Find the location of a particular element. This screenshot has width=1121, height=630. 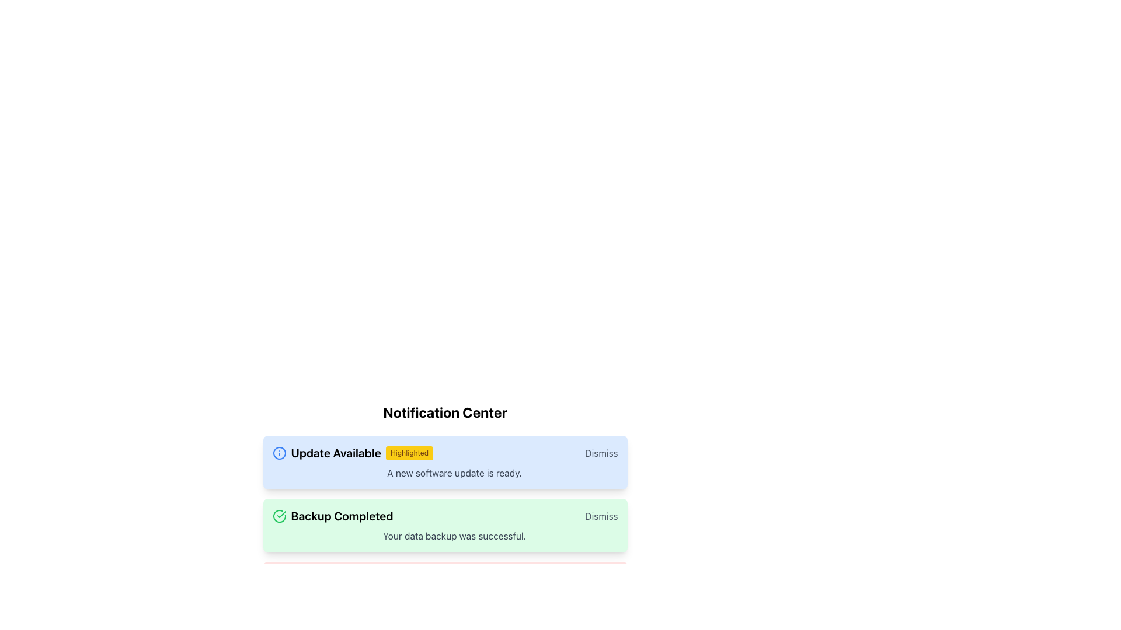

the circular informational icon with a blue outline, located to the left of the 'Update Available' text in the notification bar is located at coordinates (278, 452).